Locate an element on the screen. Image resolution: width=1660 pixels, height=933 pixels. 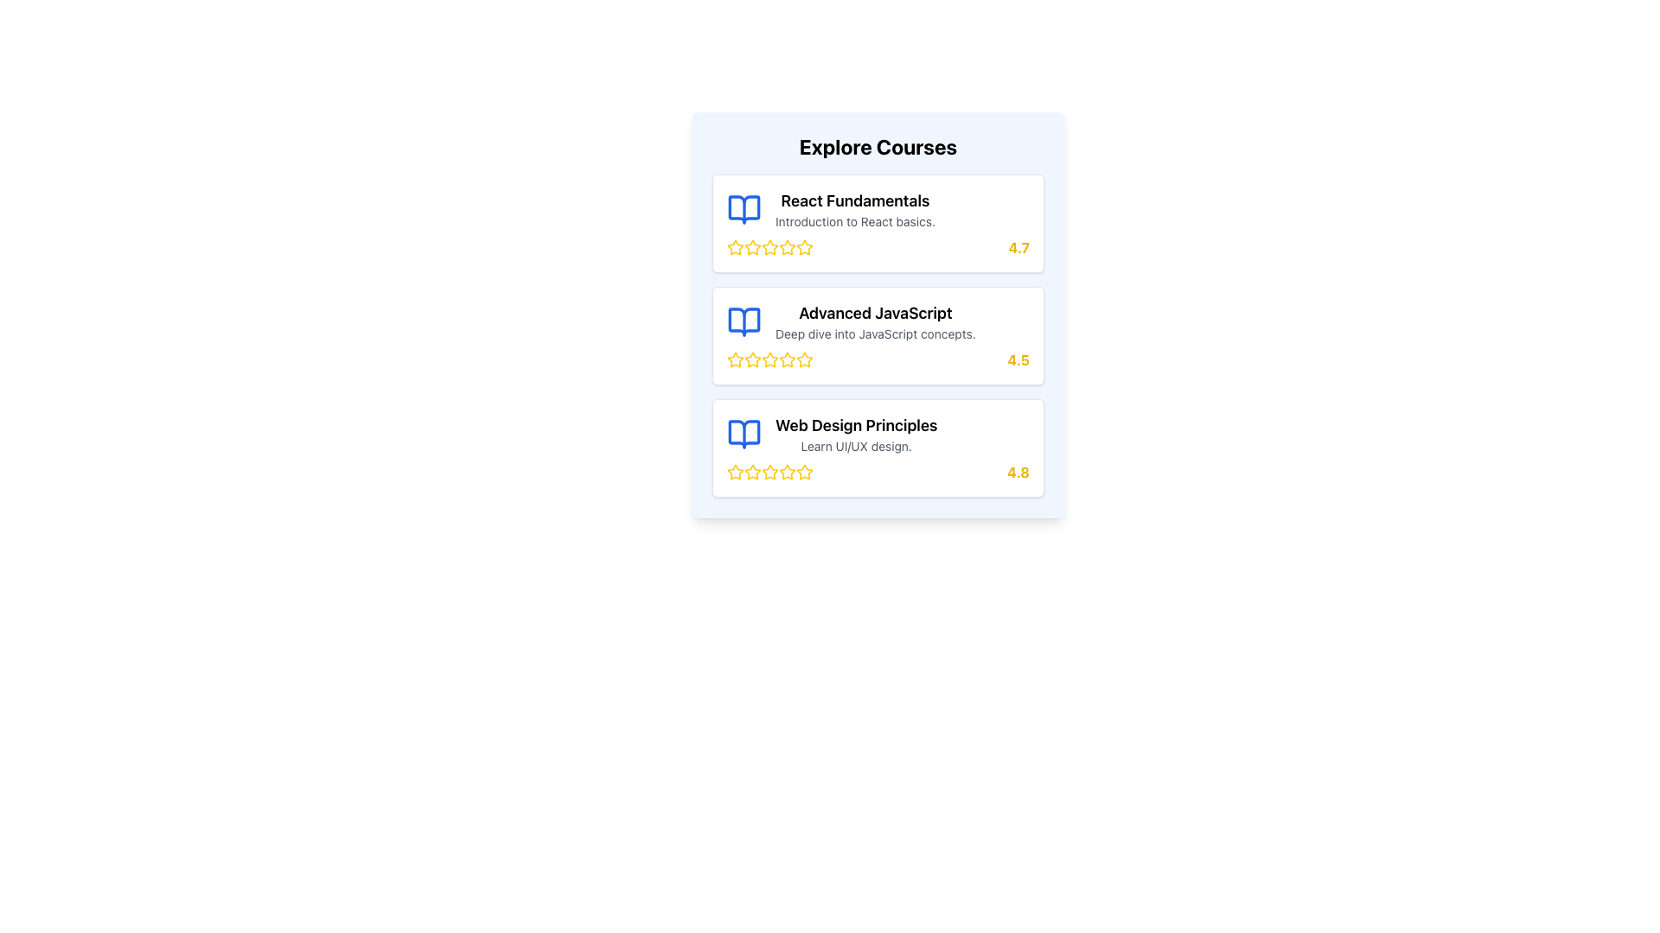
the text element reading 'Deep dive into JavaScript concepts.' which is styled in gray and positioned below the title 'Advanced JavaScript' in the 'Explore Courses' list is located at coordinates (875, 333).